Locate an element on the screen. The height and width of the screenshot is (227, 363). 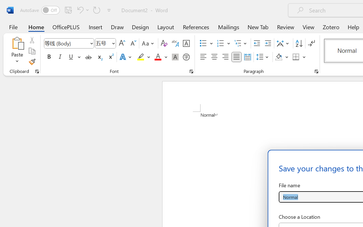
'Distributed' is located at coordinates (247, 57).